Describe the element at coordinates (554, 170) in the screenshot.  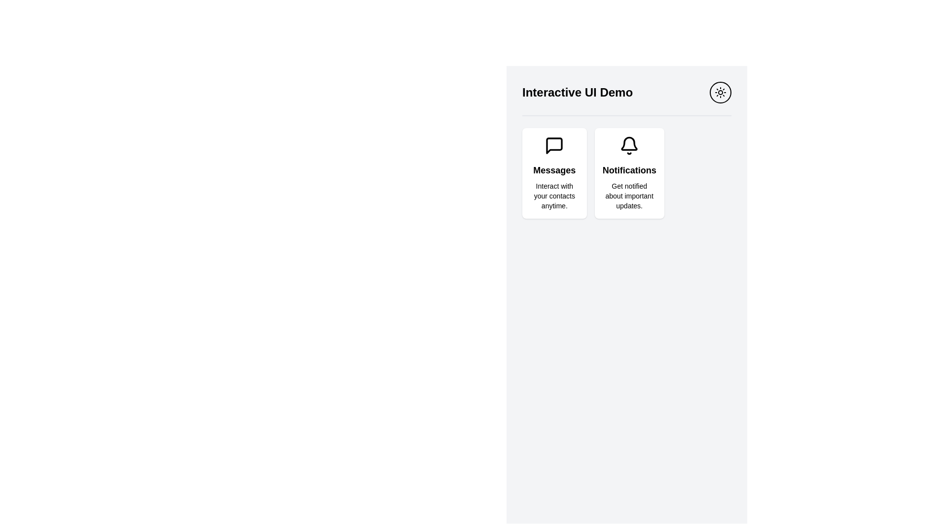
I see `the 'Messages' text label element` at that location.